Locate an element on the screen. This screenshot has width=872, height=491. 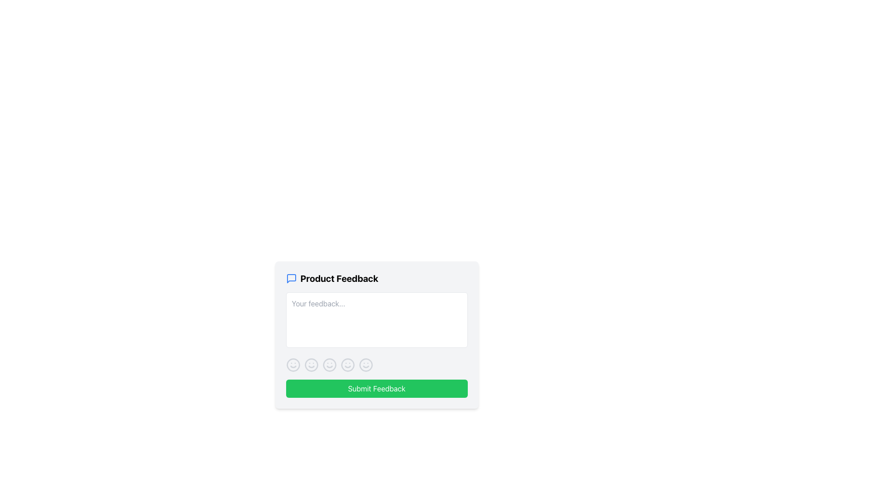
the Label with Icon that indicates the feedback section at the top-left of the card layout, which serves as a title for providing product-related feedback is located at coordinates (377, 278).